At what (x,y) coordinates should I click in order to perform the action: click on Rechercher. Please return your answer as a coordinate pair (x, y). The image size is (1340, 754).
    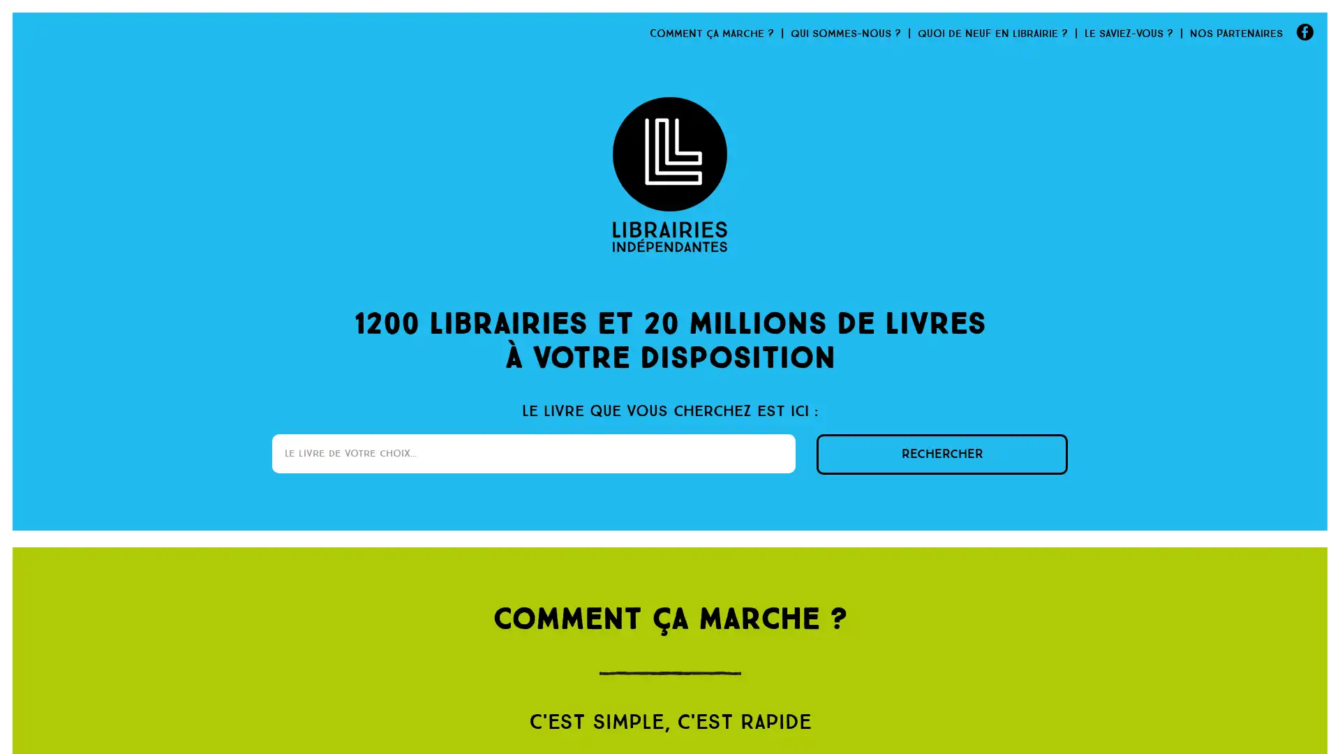
    Looking at the image, I should click on (941, 454).